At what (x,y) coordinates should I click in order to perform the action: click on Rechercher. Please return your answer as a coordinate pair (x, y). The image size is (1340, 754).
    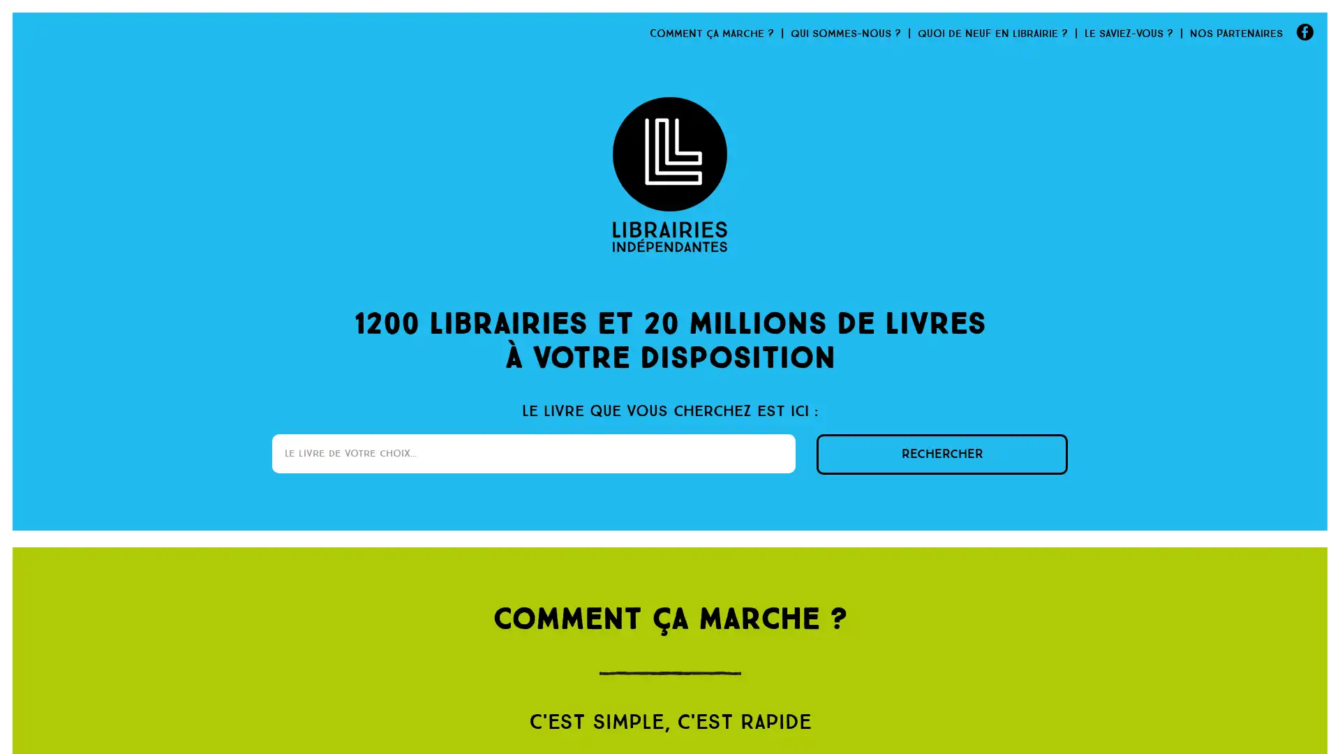
    Looking at the image, I should click on (941, 454).